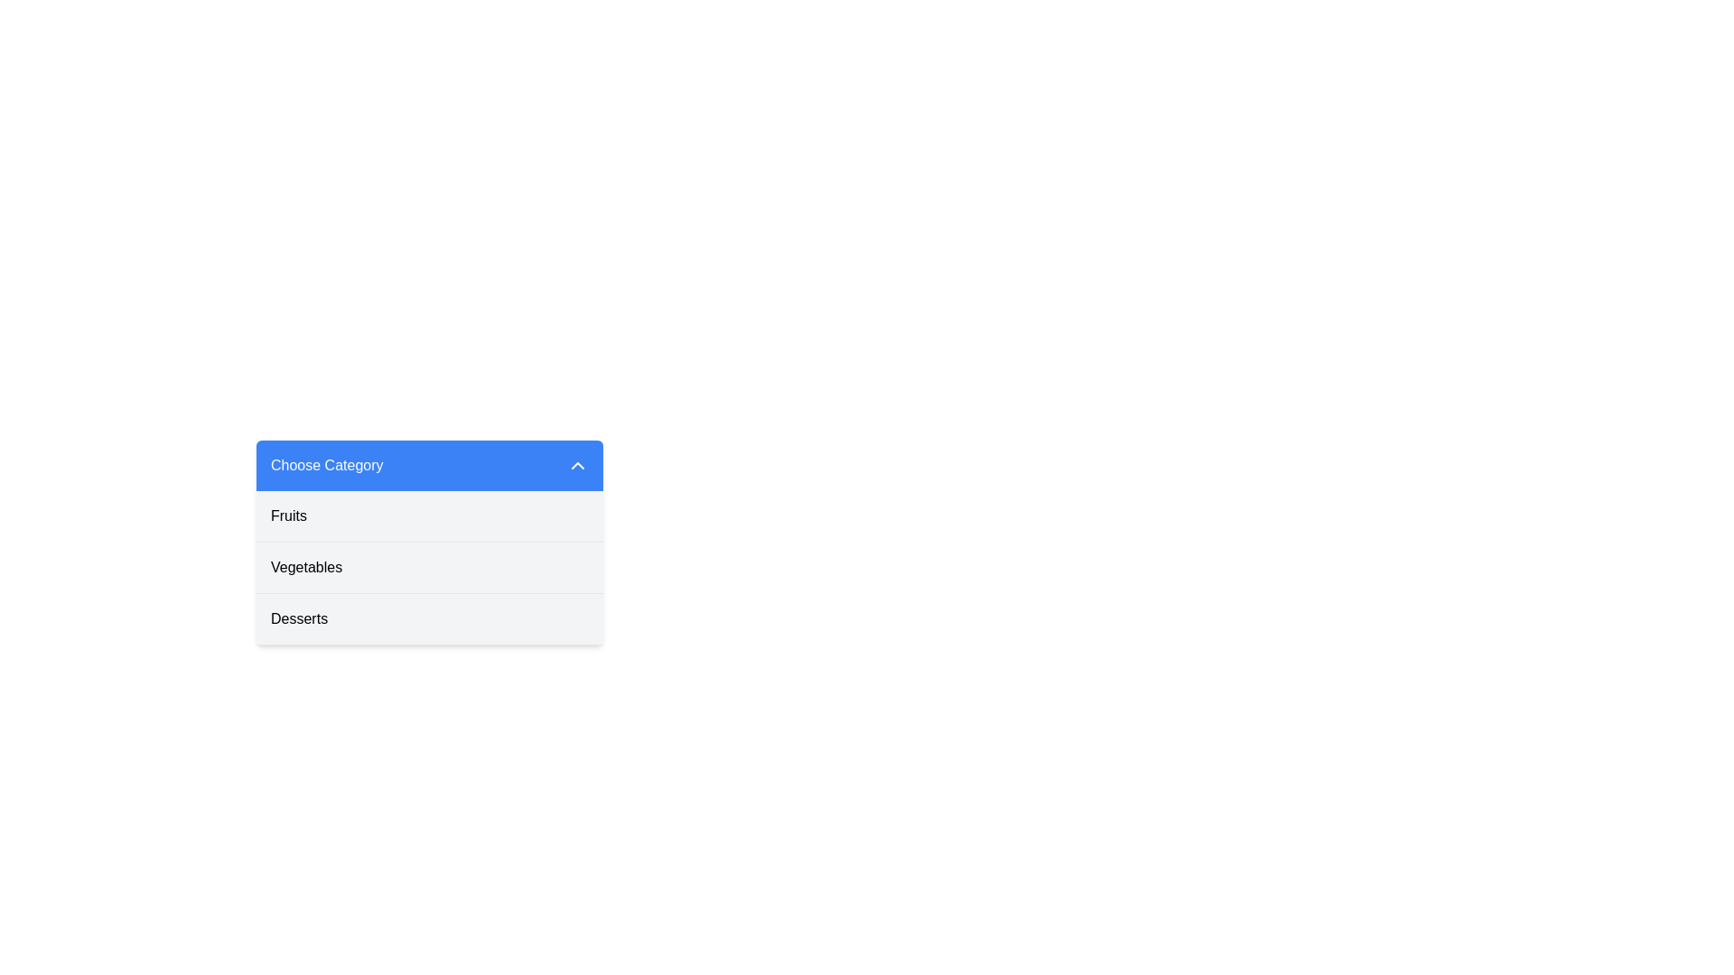 The image size is (1734, 975). Describe the element at coordinates (576, 465) in the screenshot. I see `the toggle icon located in the top-right corner of the blue header bar labeled 'Choose Category'` at that location.